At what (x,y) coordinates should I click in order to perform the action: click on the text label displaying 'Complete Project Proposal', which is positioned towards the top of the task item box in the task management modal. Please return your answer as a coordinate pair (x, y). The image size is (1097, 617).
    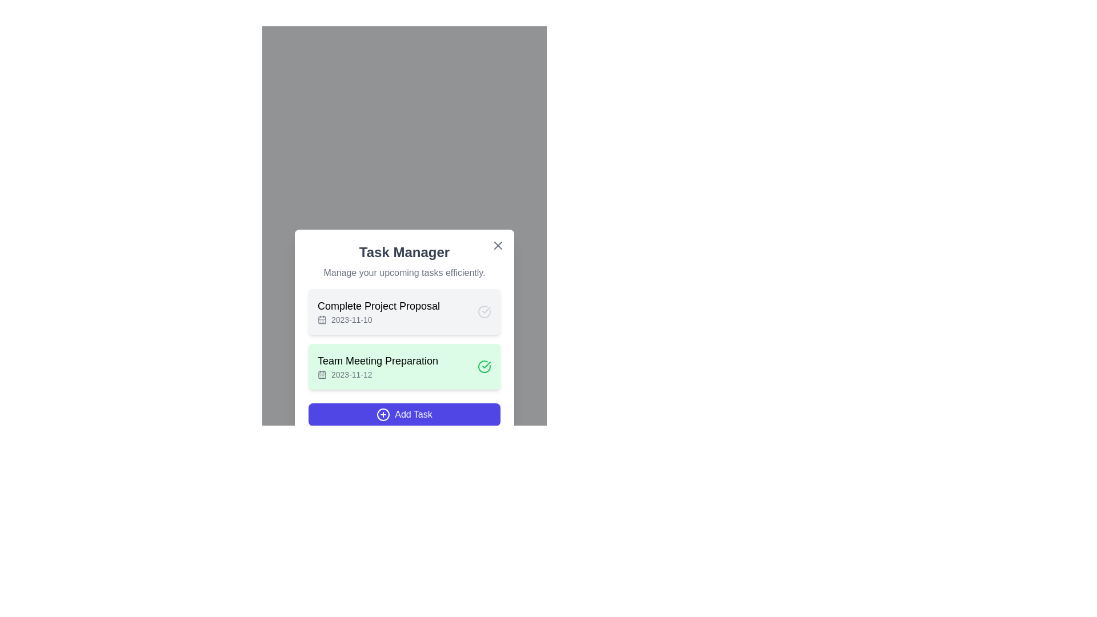
    Looking at the image, I should click on (378, 306).